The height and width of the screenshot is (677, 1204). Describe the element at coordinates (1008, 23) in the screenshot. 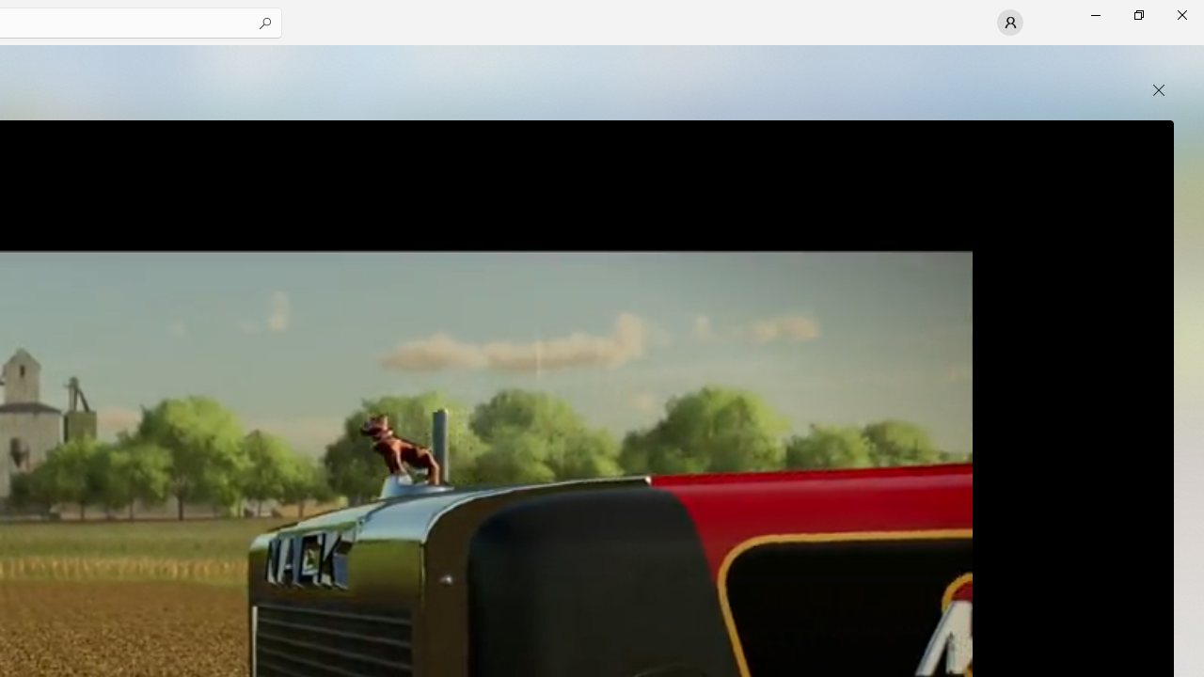

I see `'User profile'` at that location.